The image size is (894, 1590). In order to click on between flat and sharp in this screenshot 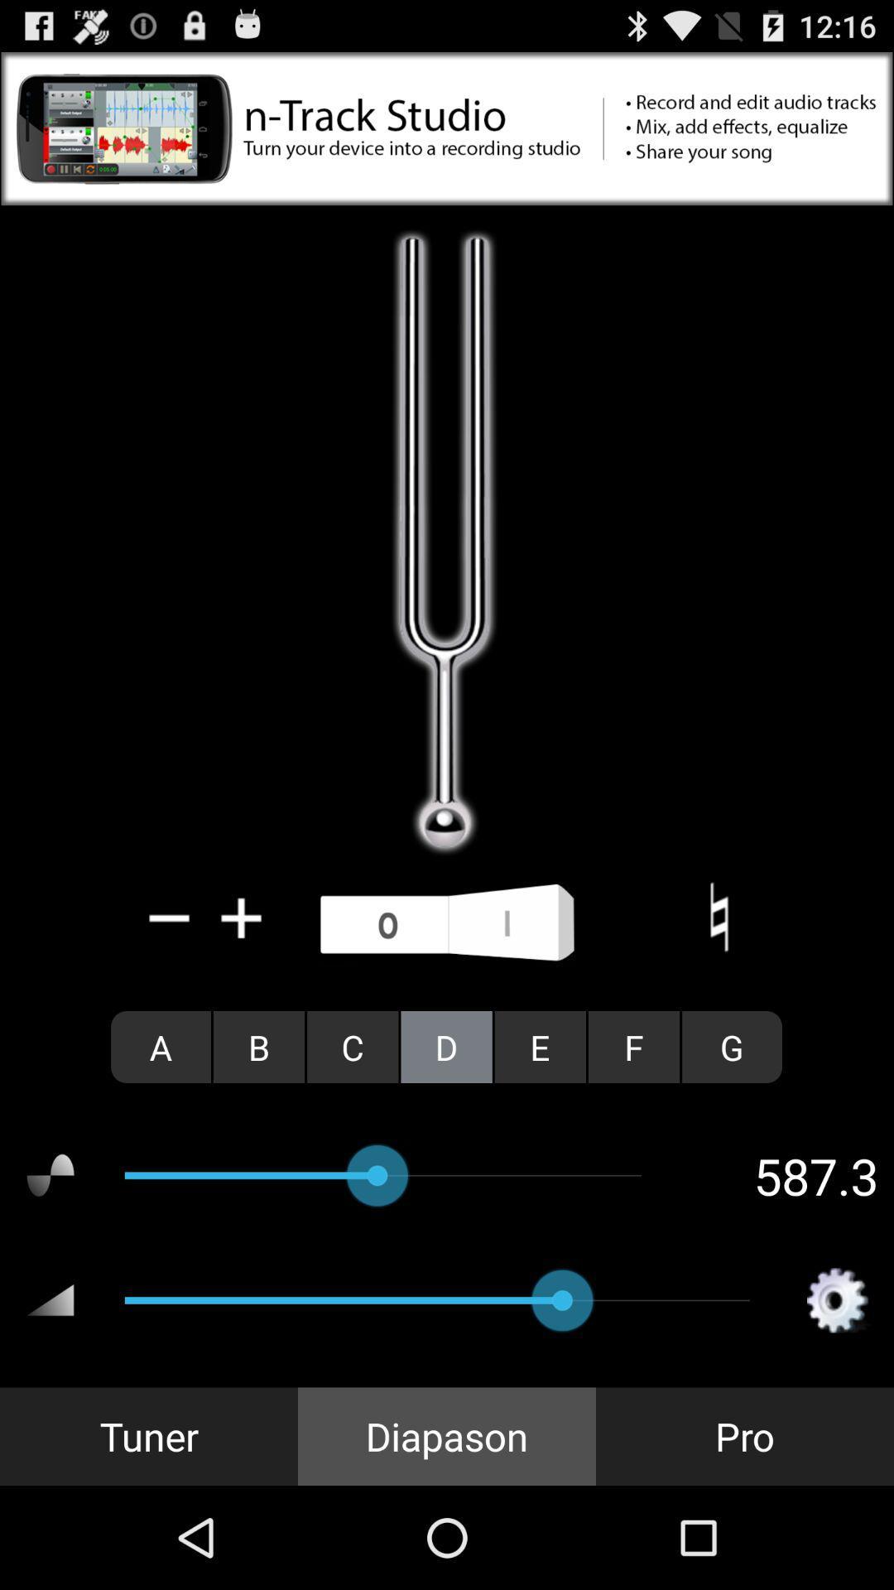, I will do `click(718, 917)`.